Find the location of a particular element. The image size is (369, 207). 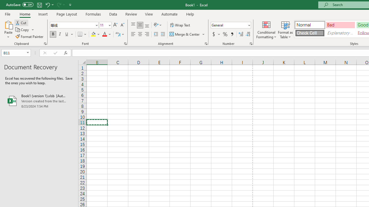

'Orientation' is located at coordinates (158, 25).